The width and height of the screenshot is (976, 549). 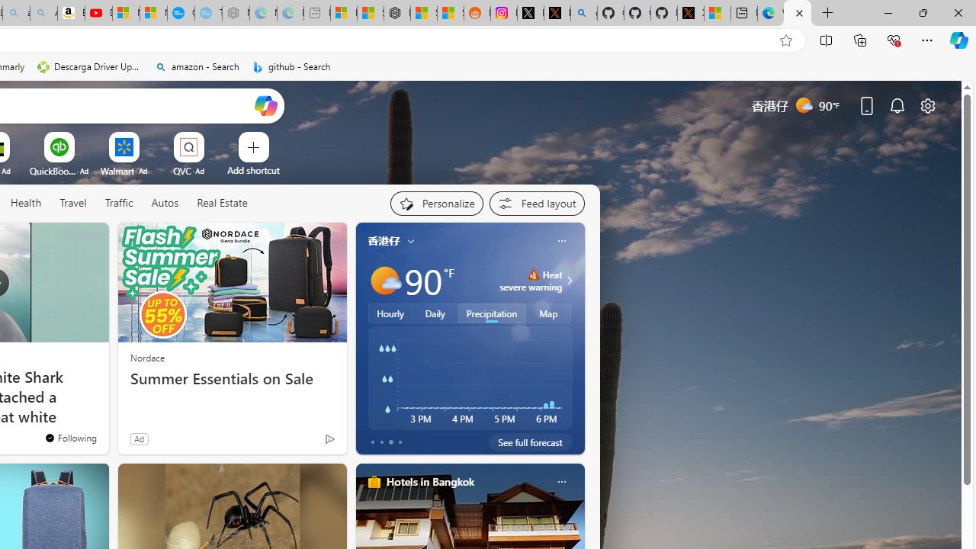 I want to click on 'github - Search', so click(x=291, y=66).